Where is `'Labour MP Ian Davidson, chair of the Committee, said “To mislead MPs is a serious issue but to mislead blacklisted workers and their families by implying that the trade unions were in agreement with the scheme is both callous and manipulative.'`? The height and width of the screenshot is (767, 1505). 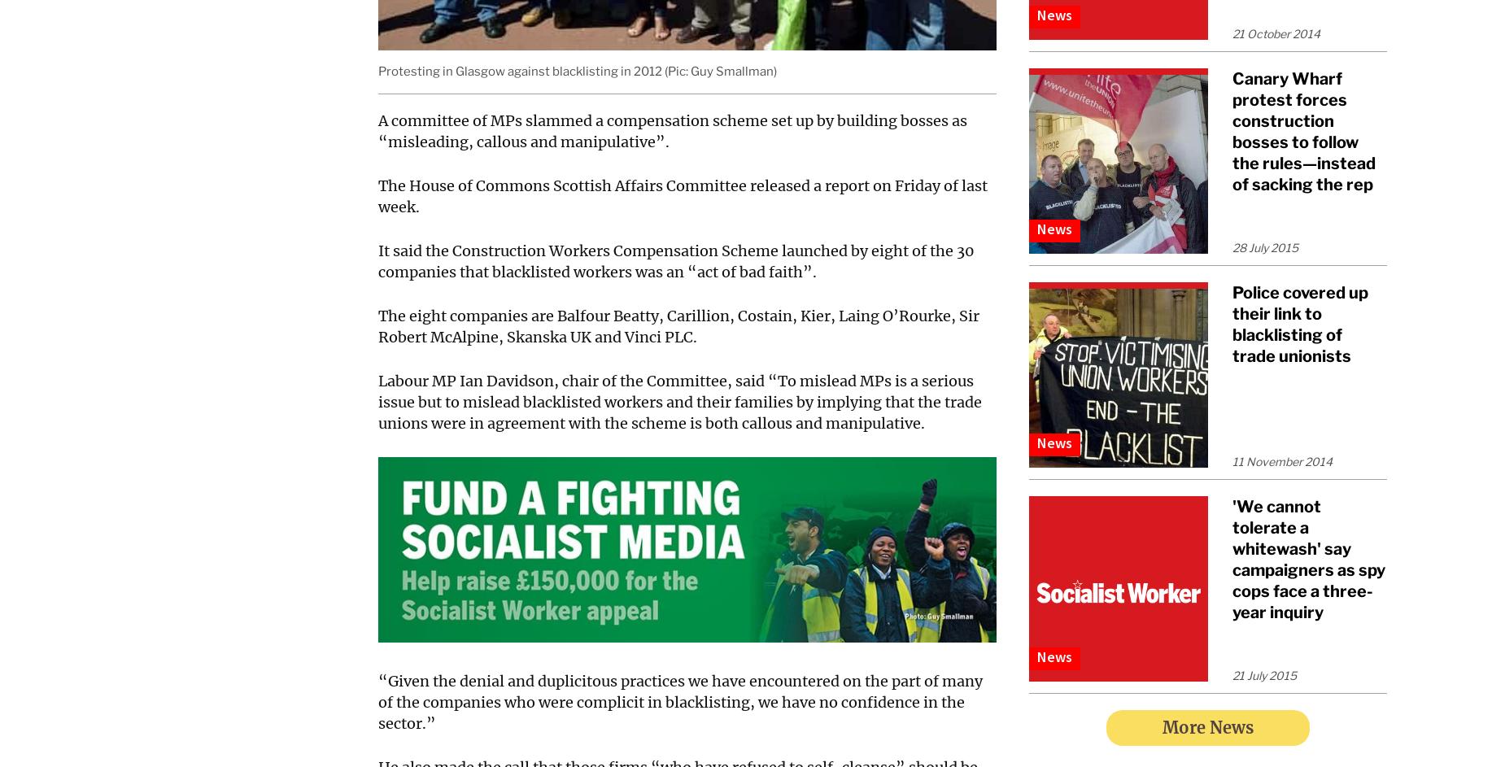
'Labour MP Ian Davidson, chair of the Committee, said “To mislead MPs is a serious issue but to mislead blacklisted workers and their families by implying that the trade unions were in agreement with the scheme is both callous and manipulative.' is located at coordinates (680, 401).